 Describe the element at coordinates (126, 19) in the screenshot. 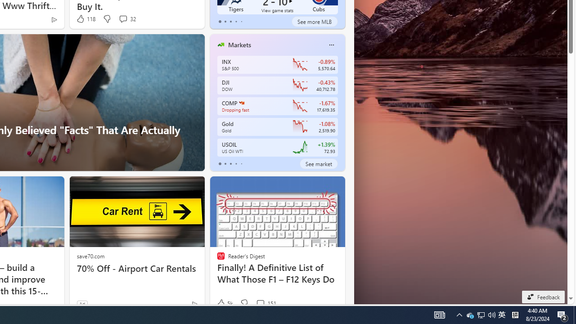

I see `'View comments 32 Comment'` at that location.